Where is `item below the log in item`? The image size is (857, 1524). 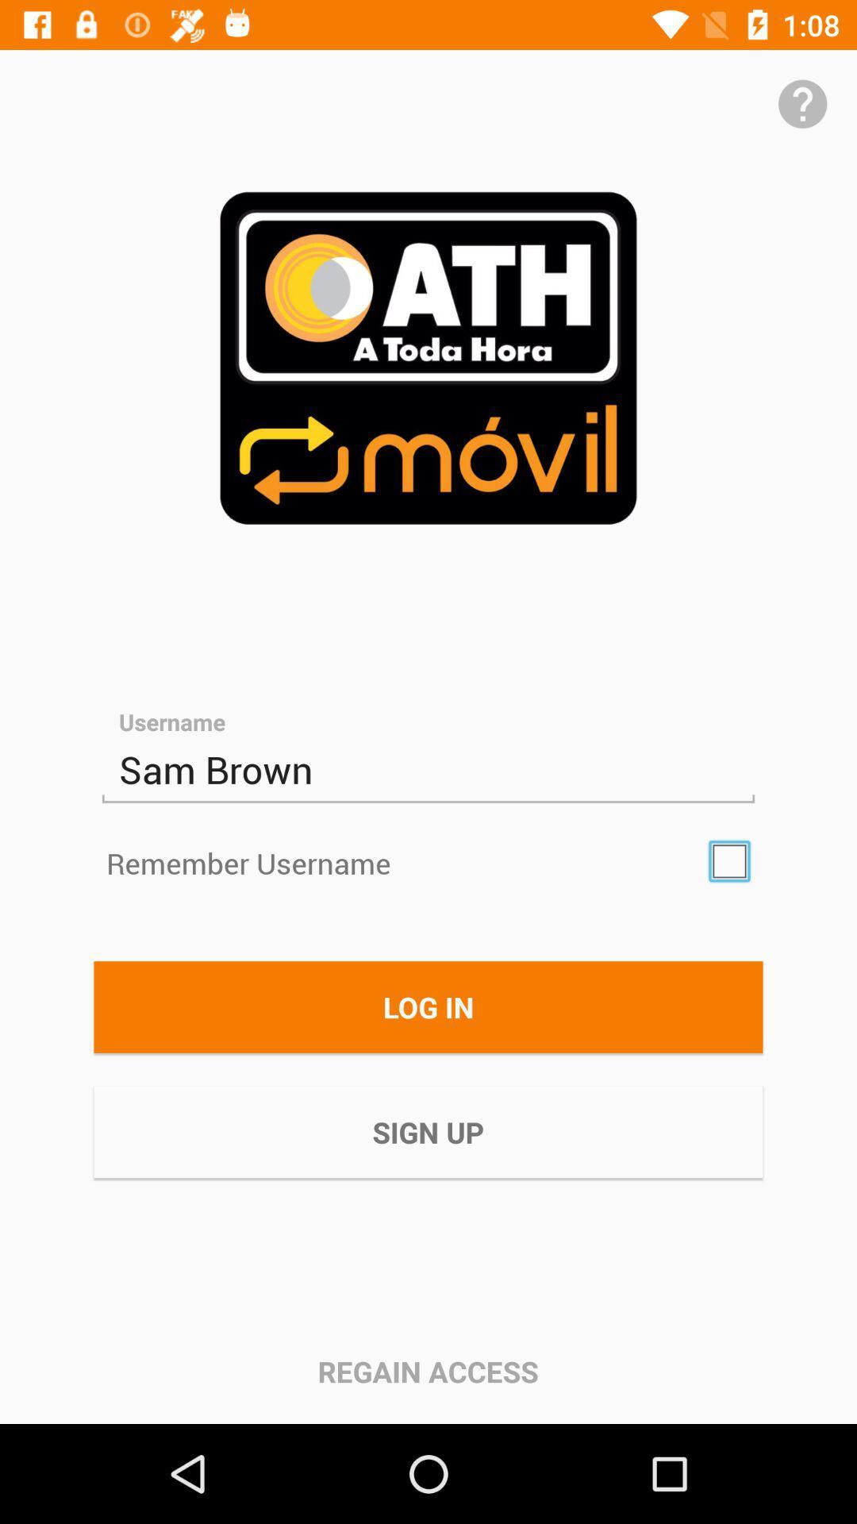
item below the log in item is located at coordinates (428, 1131).